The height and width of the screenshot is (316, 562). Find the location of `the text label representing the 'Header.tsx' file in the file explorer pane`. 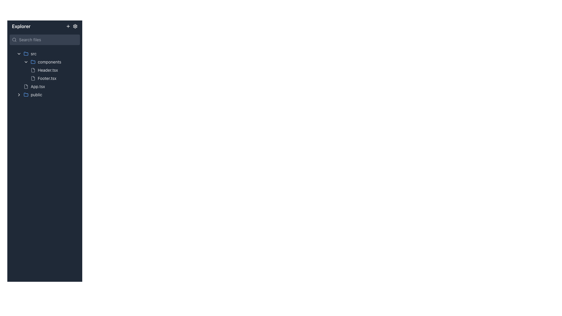

the text label representing the 'Header.tsx' file in the file explorer pane is located at coordinates (48, 70).